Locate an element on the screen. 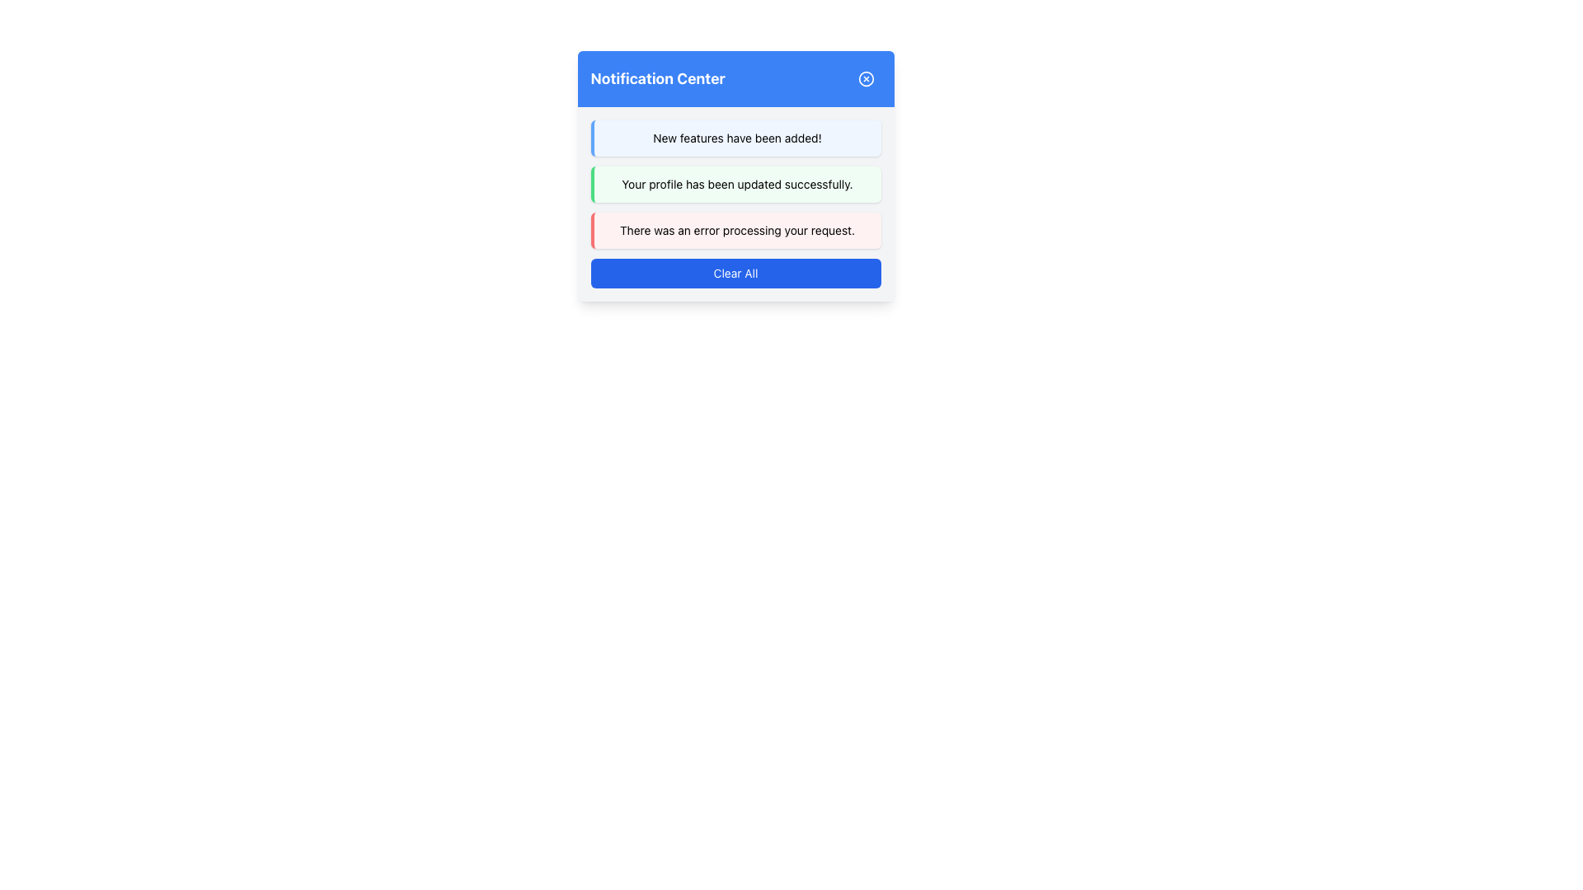 The width and height of the screenshot is (1583, 890). the clear notifications button located at the bottom of the notification panel is located at coordinates (735, 272).